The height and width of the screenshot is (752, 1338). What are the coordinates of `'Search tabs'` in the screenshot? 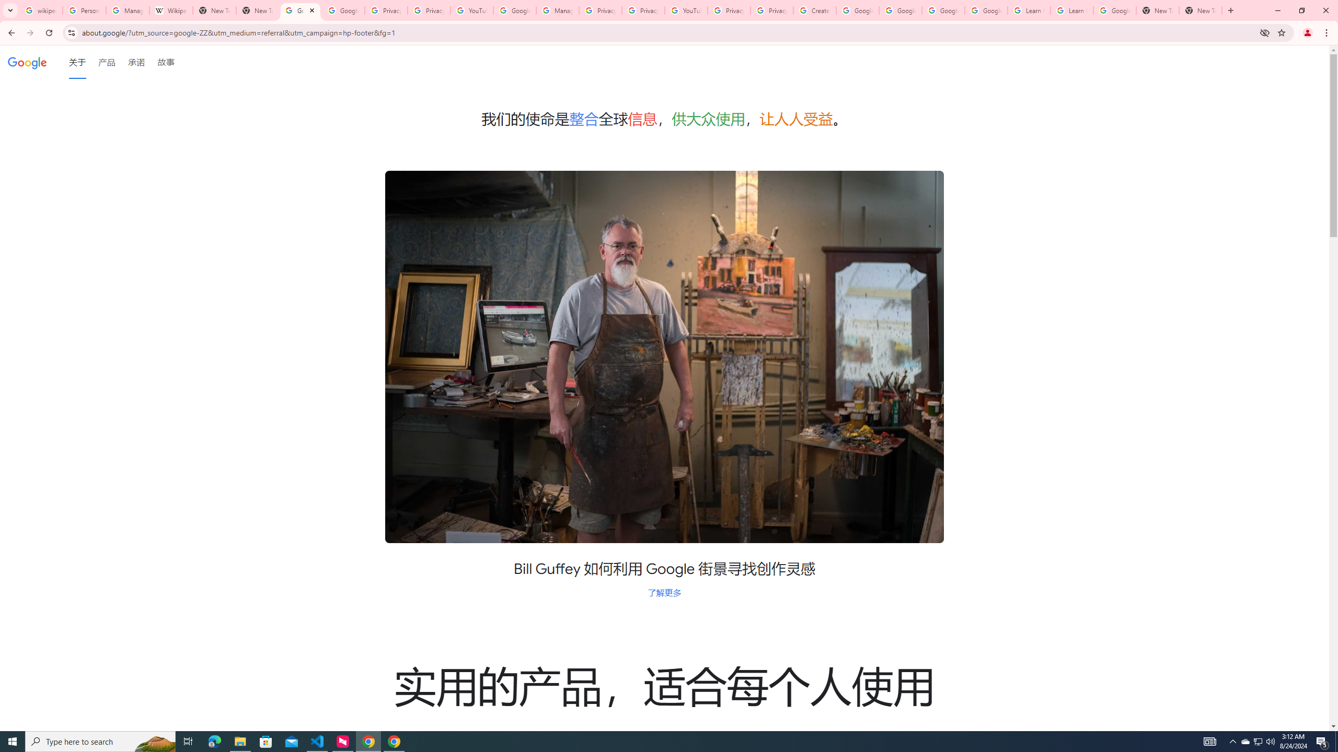 It's located at (10, 10).